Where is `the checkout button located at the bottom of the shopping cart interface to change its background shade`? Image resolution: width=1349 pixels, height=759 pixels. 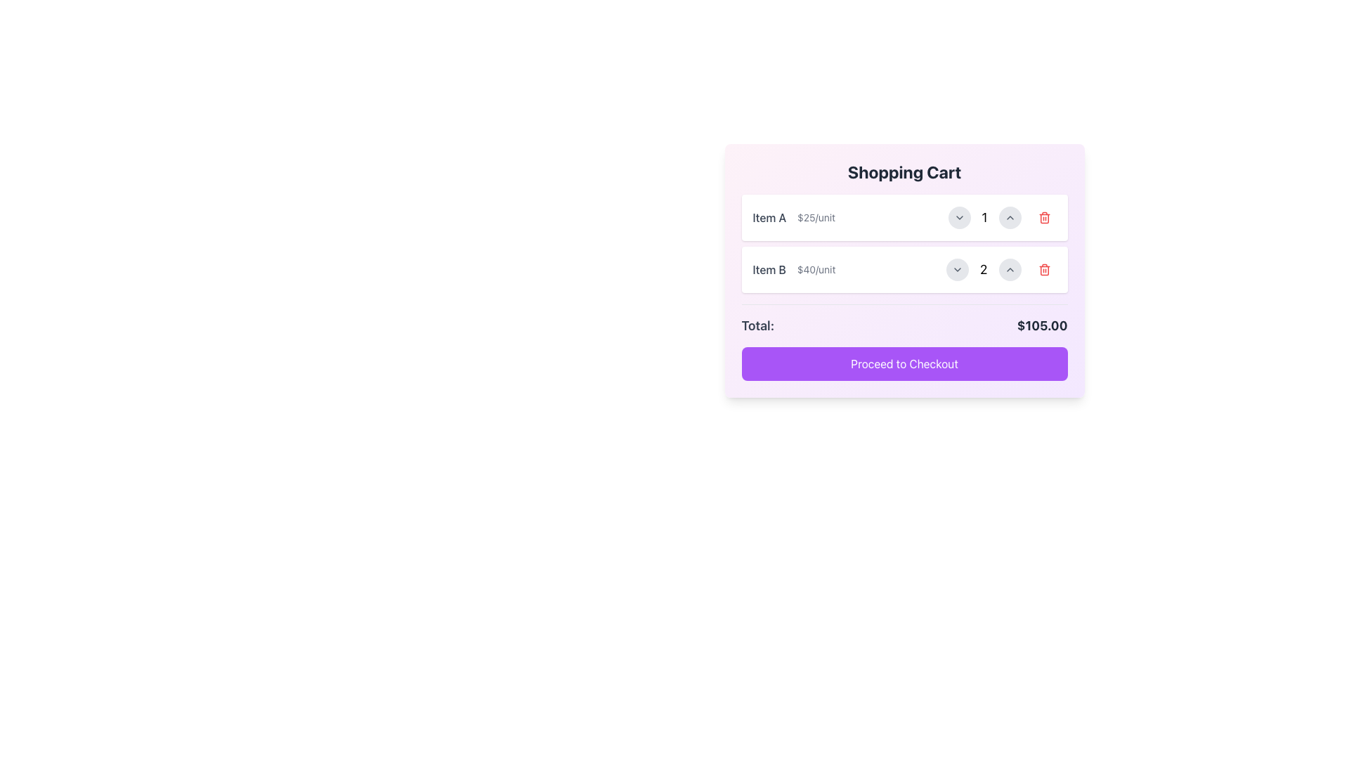 the checkout button located at the bottom of the shopping cart interface to change its background shade is located at coordinates (904, 363).